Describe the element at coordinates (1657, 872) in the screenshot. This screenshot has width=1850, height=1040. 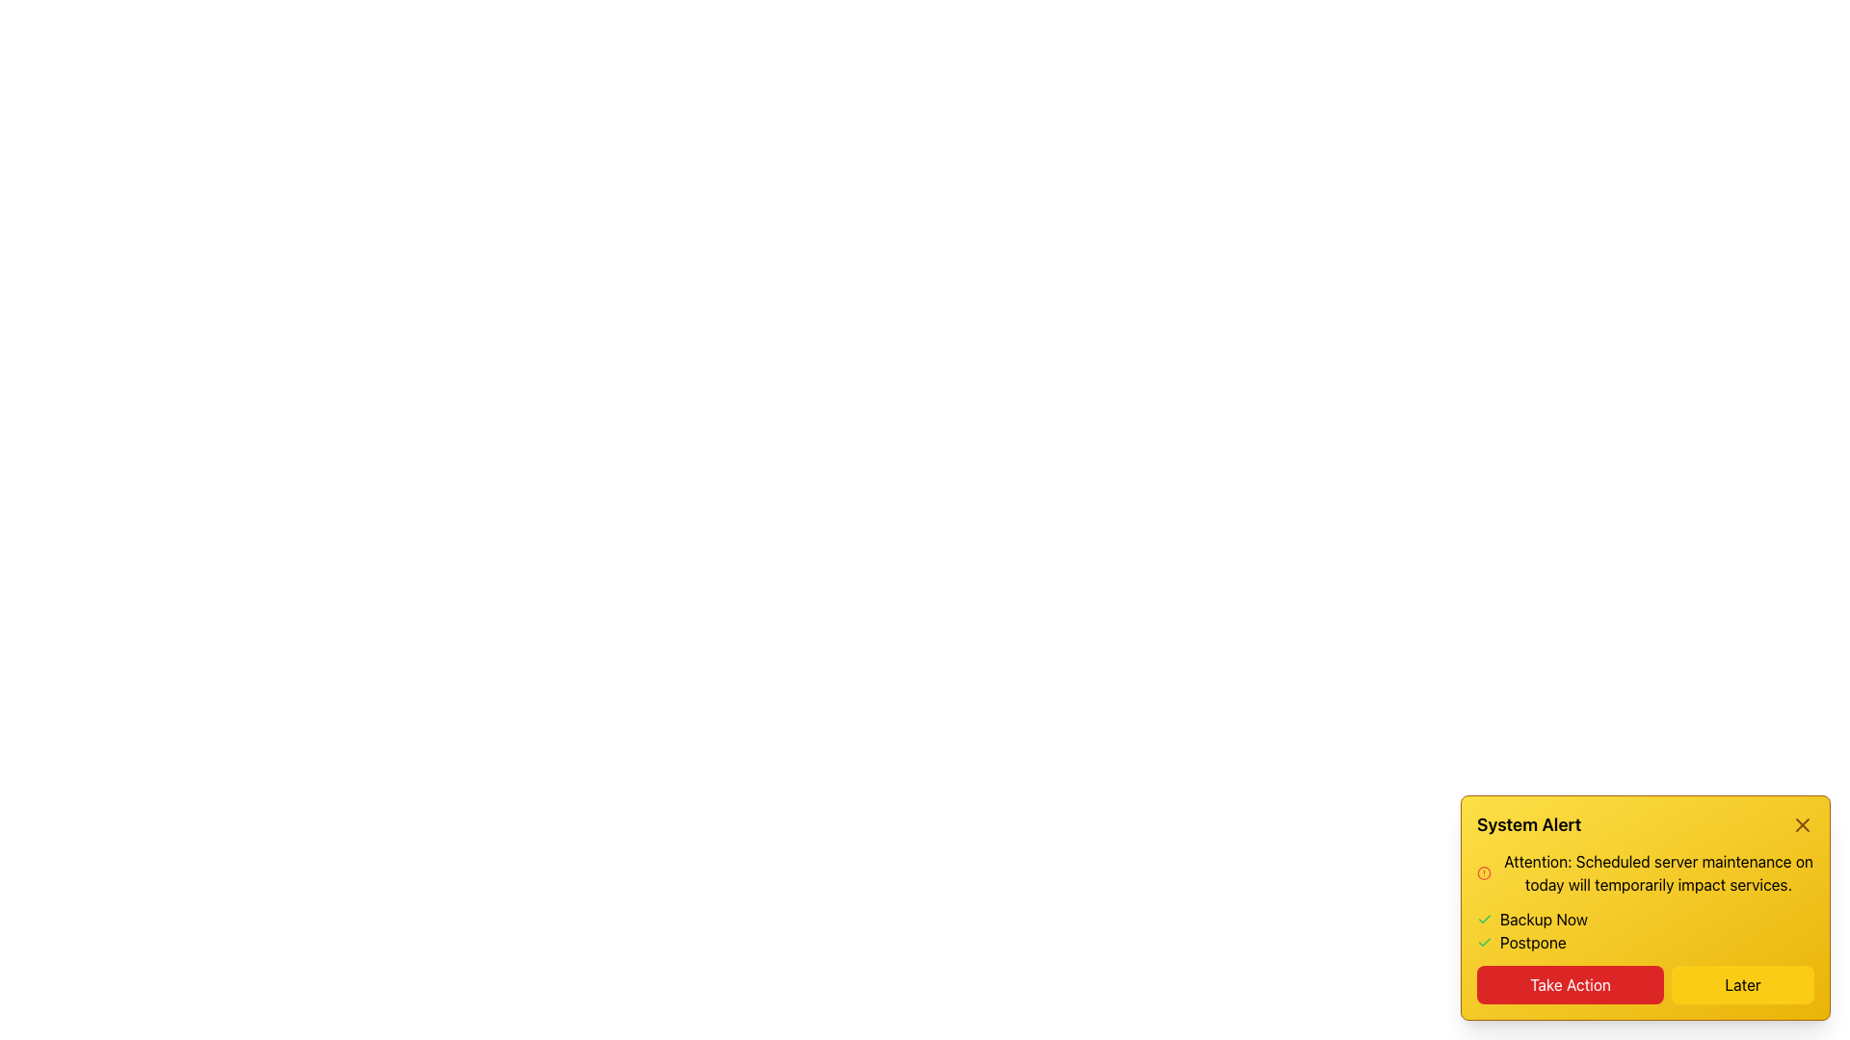
I see `the text message stating 'Attention: Scheduled server maintenance on today will temporarily impact services', which is styled in black on a yellow background within the alert box` at that location.